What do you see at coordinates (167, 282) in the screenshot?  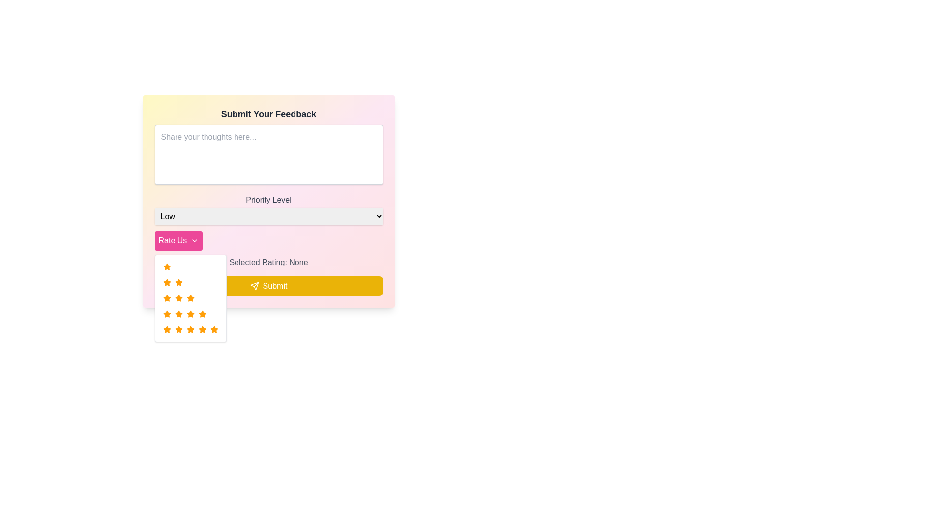 I see `the star-shaped rating icon, which represents the lowest rating in the 'Rate Us' system, to focus on it` at bounding box center [167, 282].